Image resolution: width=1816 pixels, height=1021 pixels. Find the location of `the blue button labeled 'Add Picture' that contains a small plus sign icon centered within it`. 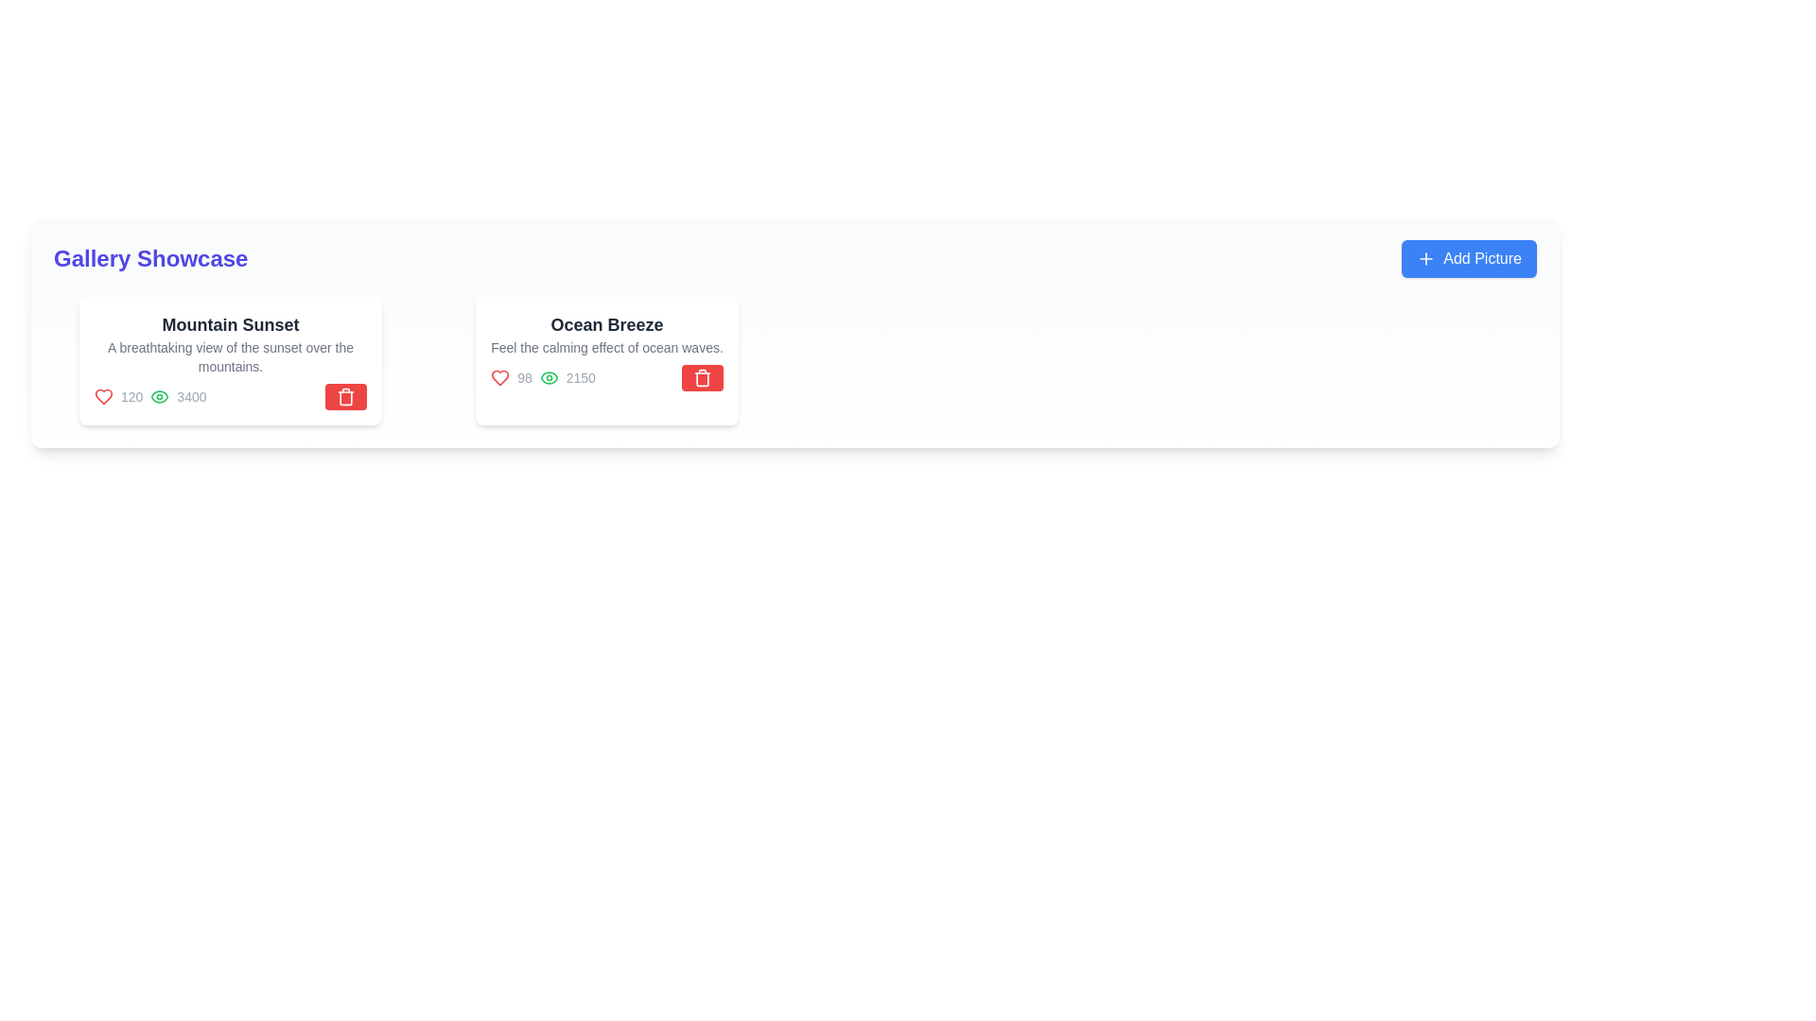

the blue button labeled 'Add Picture' that contains a small plus sign icon centered within it is located at coordinates (1426, 258).